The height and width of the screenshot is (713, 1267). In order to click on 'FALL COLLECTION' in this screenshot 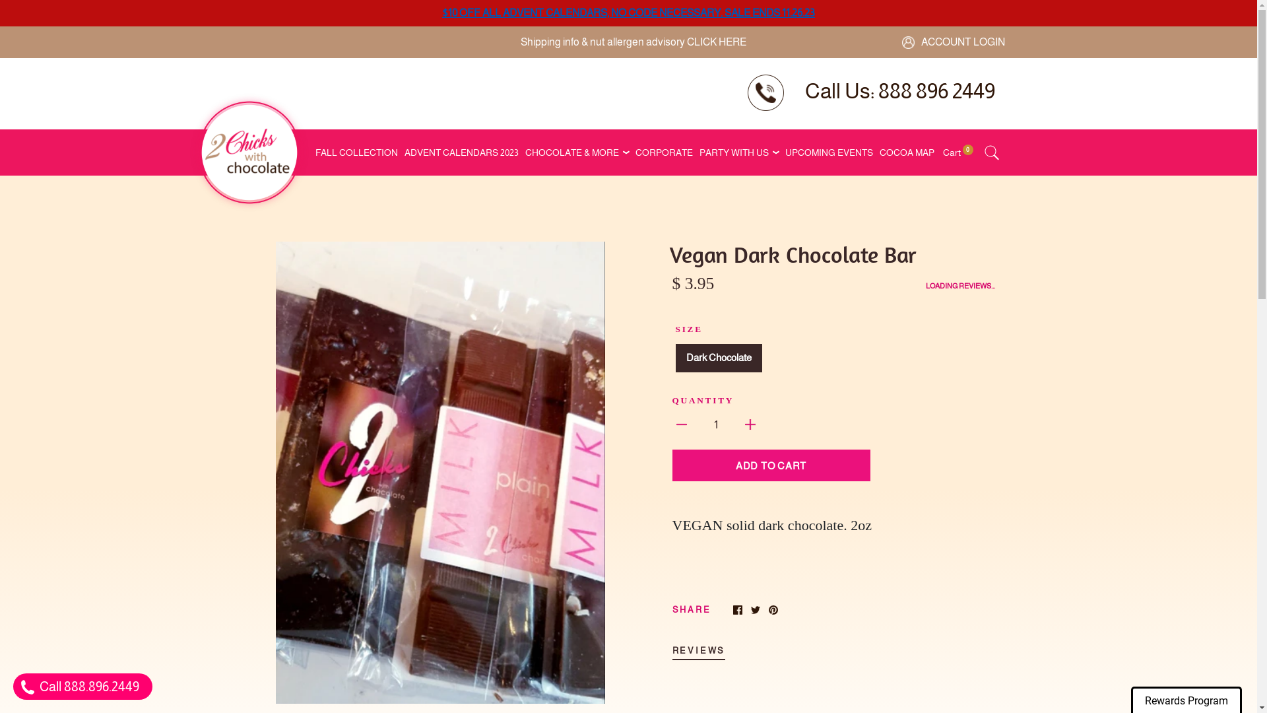, I will do `click(356, 152)`.